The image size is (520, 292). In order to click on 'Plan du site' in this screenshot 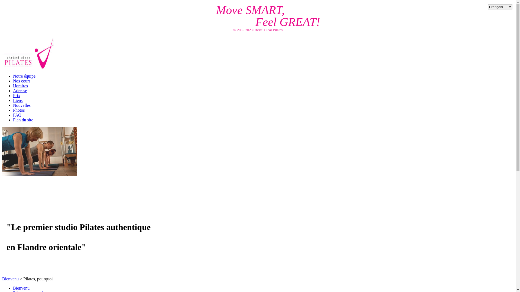, I will do `click(13, 120)`.